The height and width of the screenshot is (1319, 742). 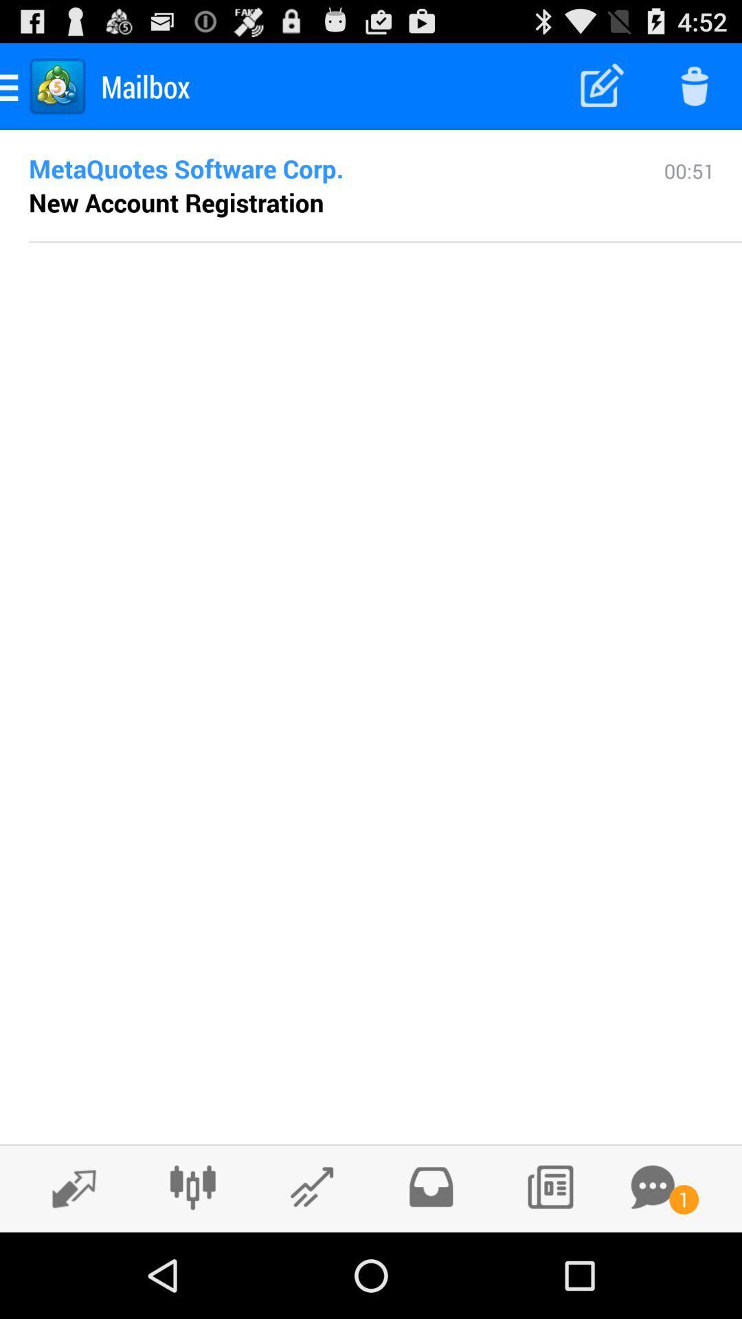 What do you see at coordinates (312, 1186) in the screenshot?
I see `share option` at bounding box center [312, 1186].